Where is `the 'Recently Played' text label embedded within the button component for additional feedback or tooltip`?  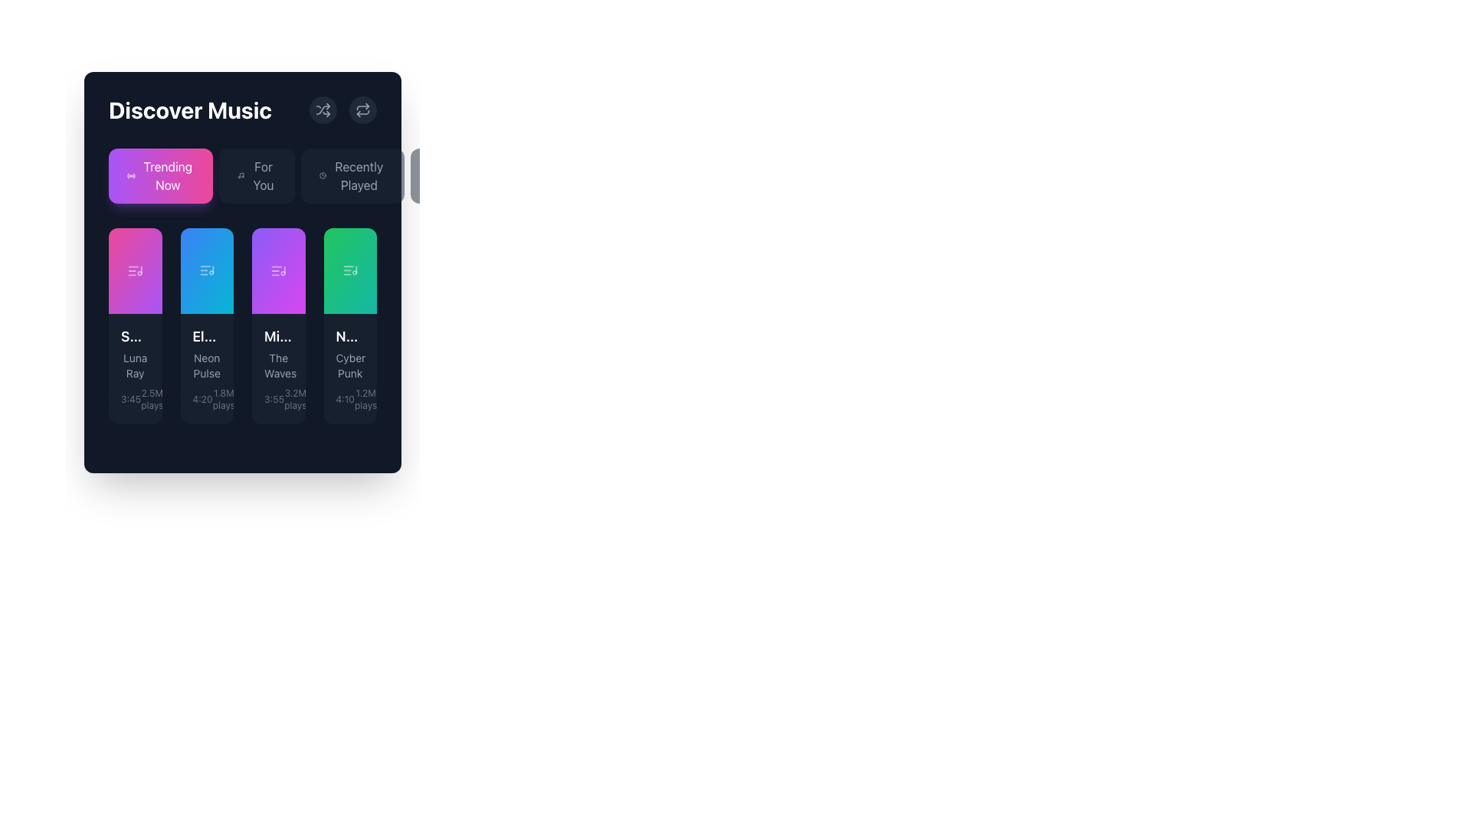 the 'Recently Played' text label embedded within the button component for additional feedback or tooltip is located at coordinates (358, 175).